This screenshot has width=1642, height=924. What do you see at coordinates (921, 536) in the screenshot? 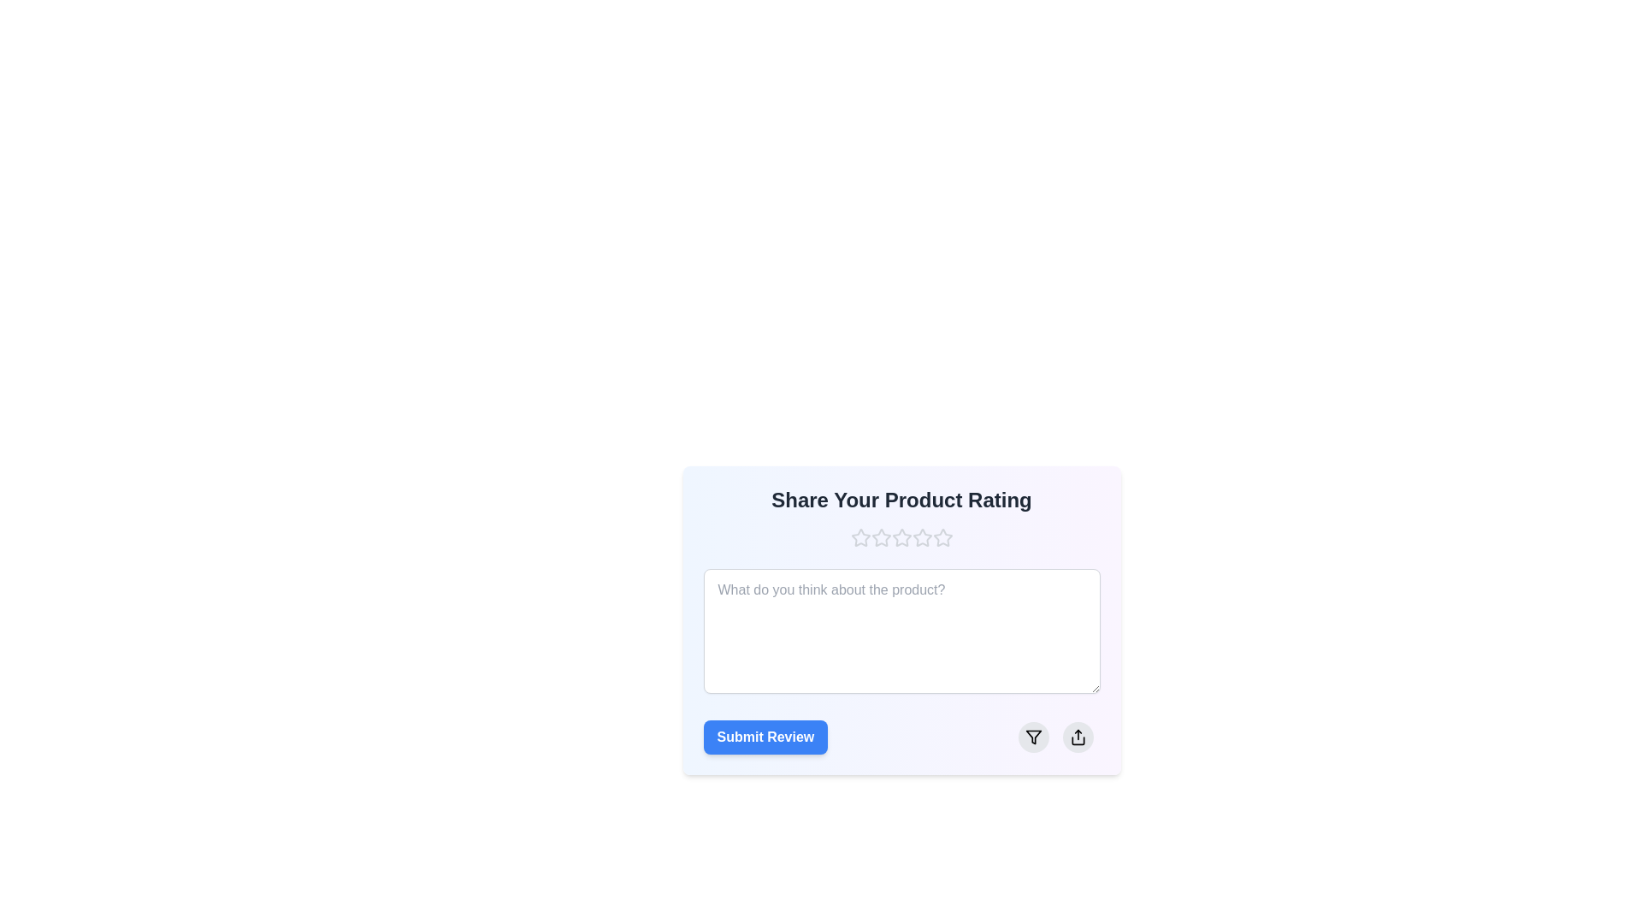
I see `the third star icon, which is styled with a gray hue and located in the 'Share Your Product Rating' section` at bounding box center [921, 536].